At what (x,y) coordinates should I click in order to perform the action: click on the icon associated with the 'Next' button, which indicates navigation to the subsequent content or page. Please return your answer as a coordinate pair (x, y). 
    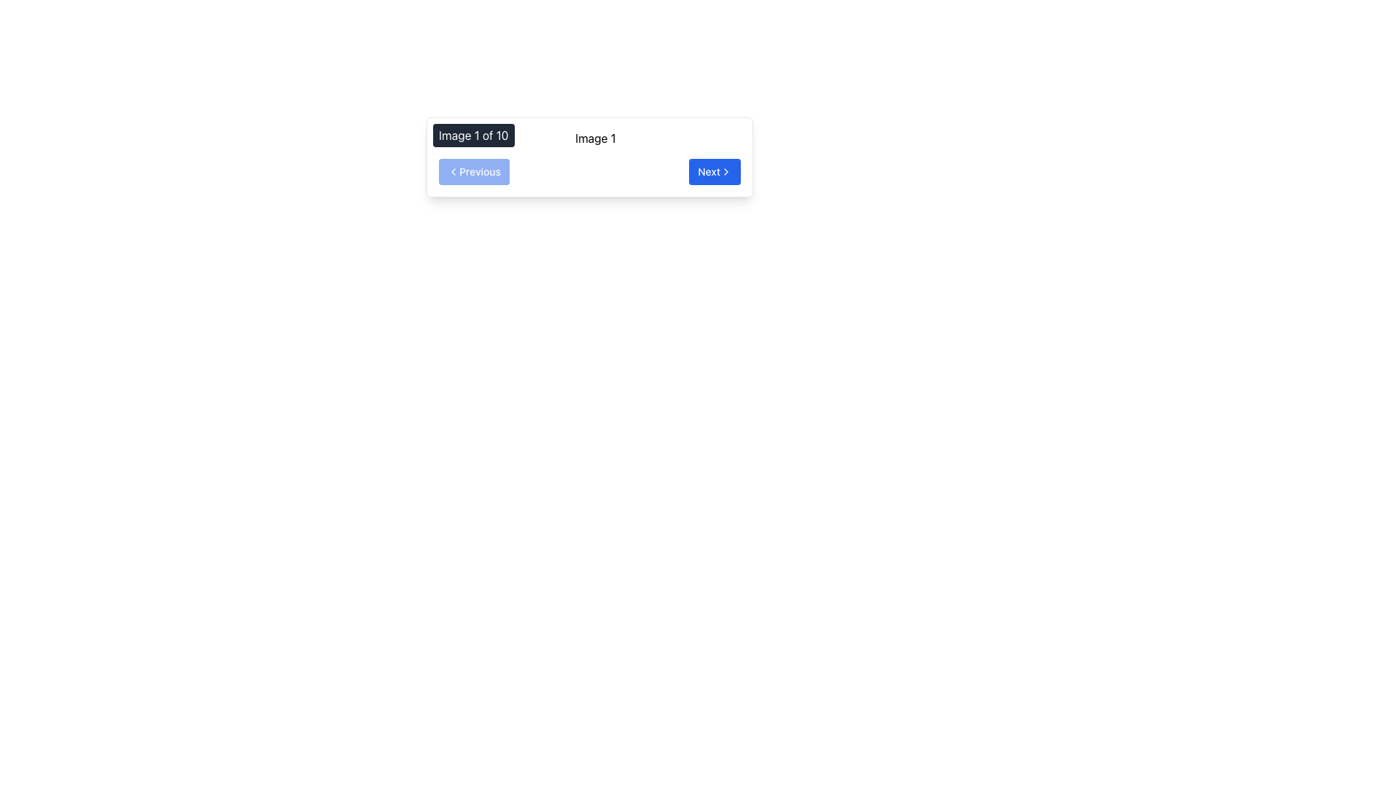
    Looking at the image, I should click on (726, 171).